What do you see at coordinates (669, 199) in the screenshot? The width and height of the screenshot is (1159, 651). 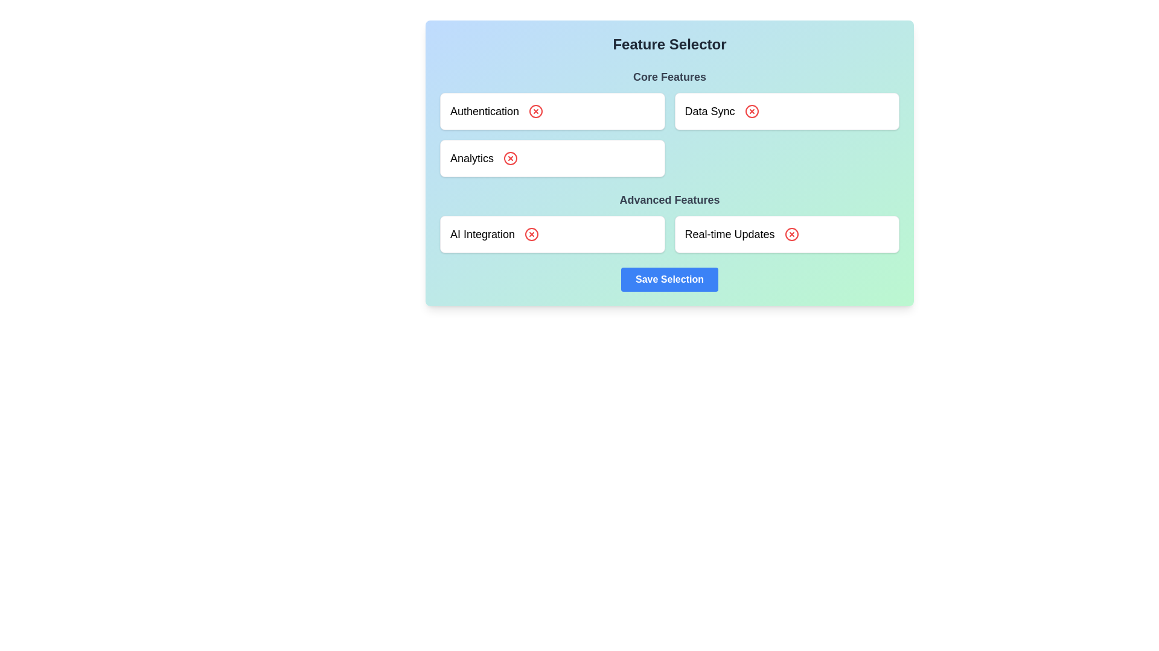 I see `the Text Label that serves as the title for the 'Advanced Features' section, distinguishing it from the 'Core Features' above` at bounding box center [669, 199].